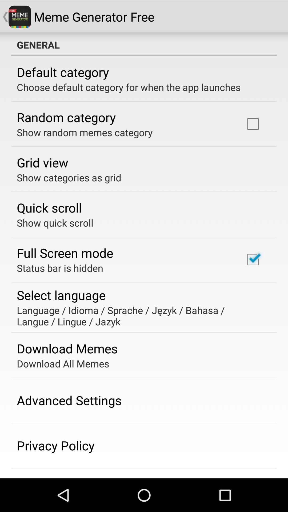 The height and width of the screenshot is (512, 288). I want to click on the show random memes app, so click(84, 132).